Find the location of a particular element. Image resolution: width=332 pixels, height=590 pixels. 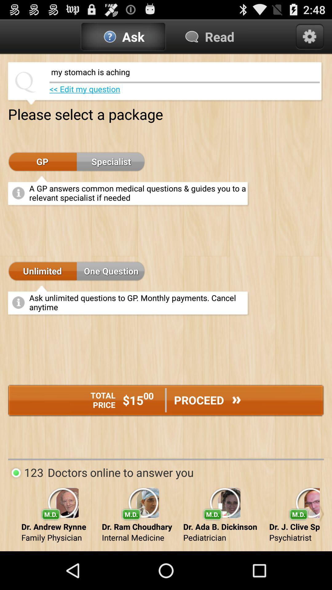

more settings is located at coordinates (310, 36).